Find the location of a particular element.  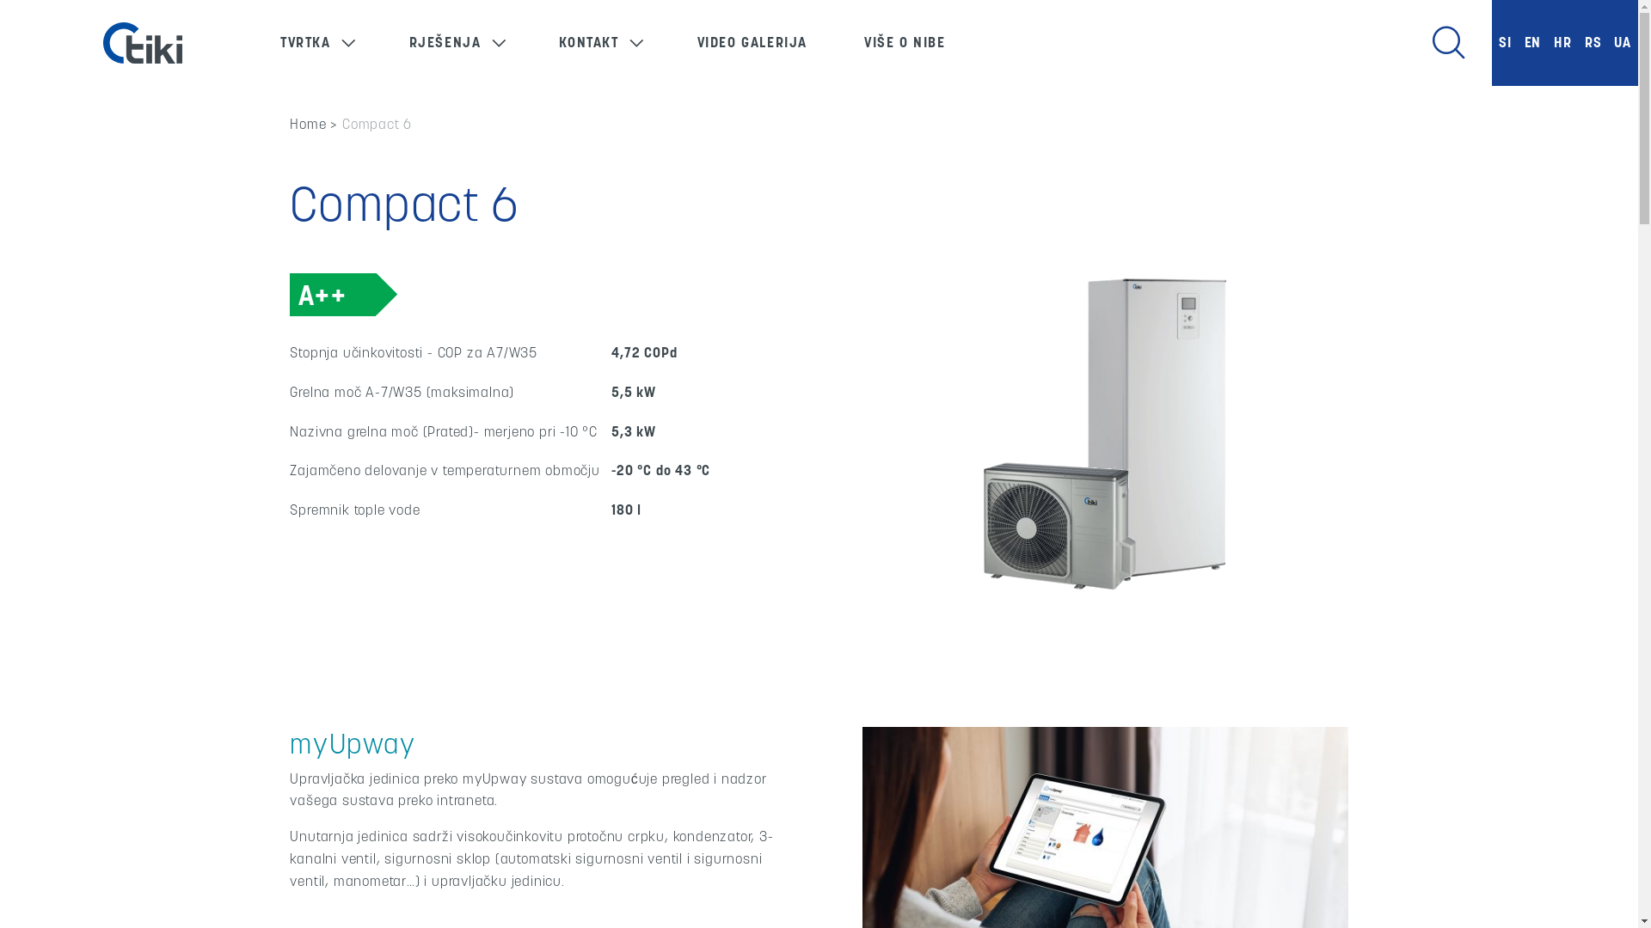

'HR' is located at coordinates (1562, 42).